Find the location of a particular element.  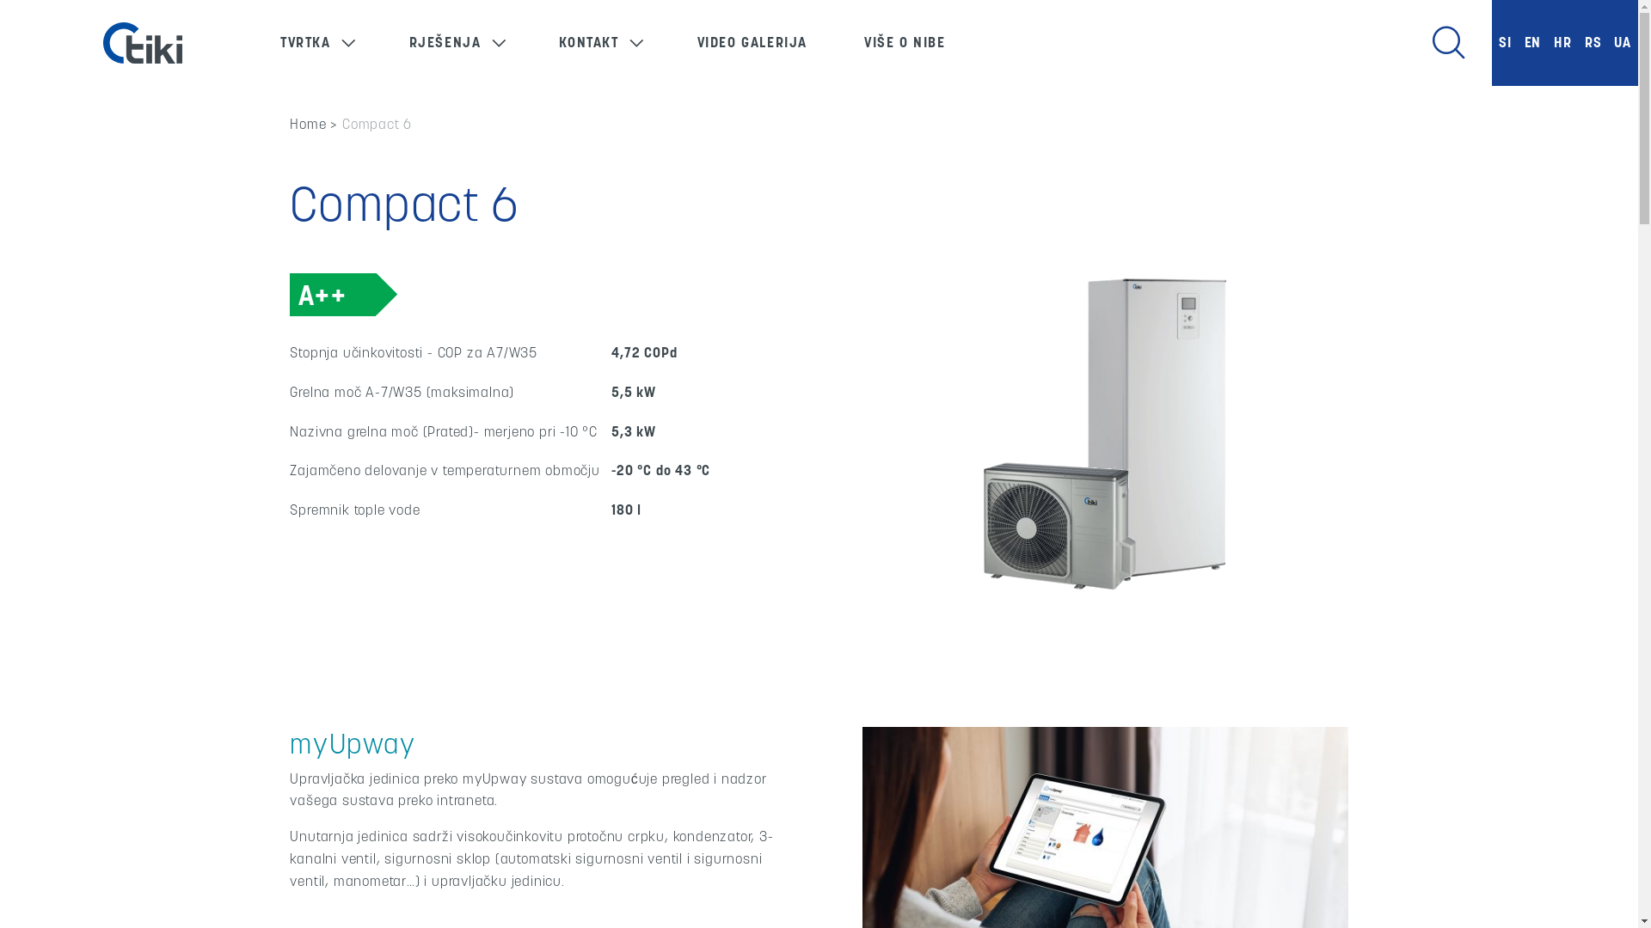

'HR' is located at coordinates (1562, 42).